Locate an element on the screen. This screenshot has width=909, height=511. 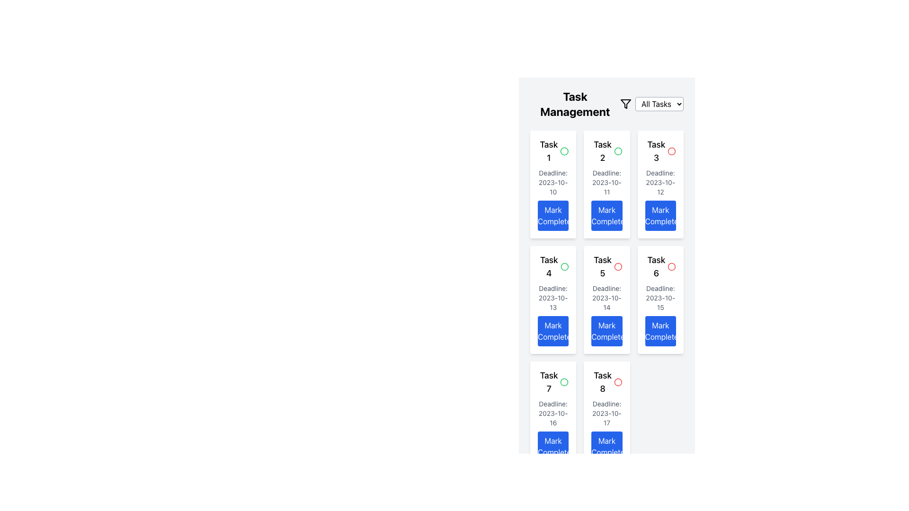
the Circular Indicator with a green outline that symbolizes the completion status of Task 2 in the task management interface, located in the first row, second column of the task cards is located at coordinates (564, 151).